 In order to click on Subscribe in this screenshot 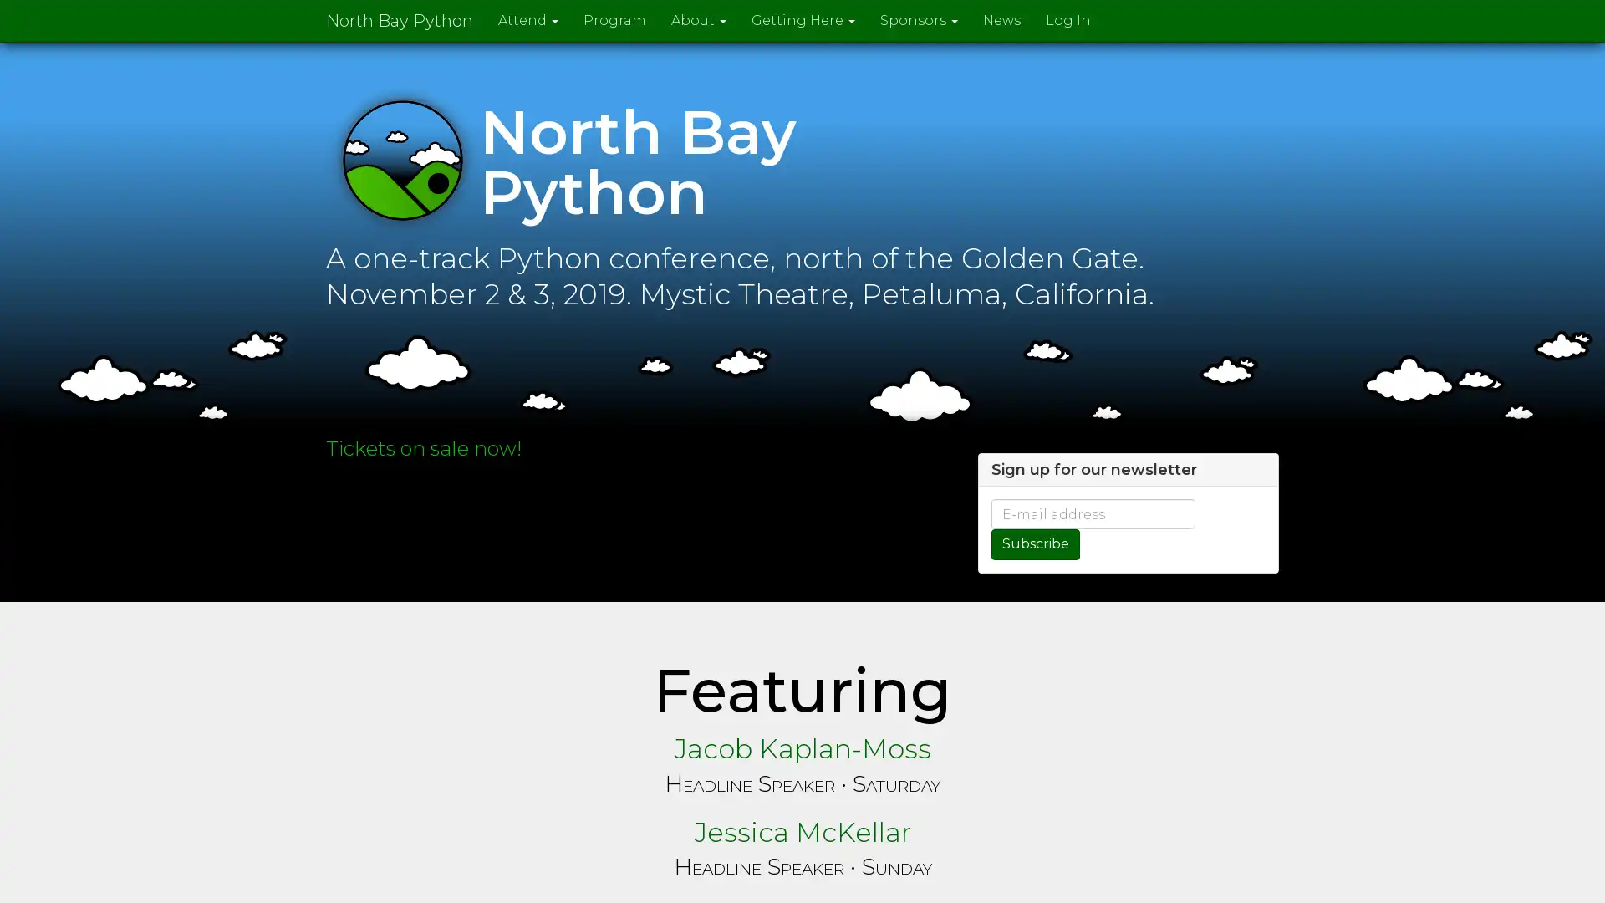, I will do `click(1034, 544)`.